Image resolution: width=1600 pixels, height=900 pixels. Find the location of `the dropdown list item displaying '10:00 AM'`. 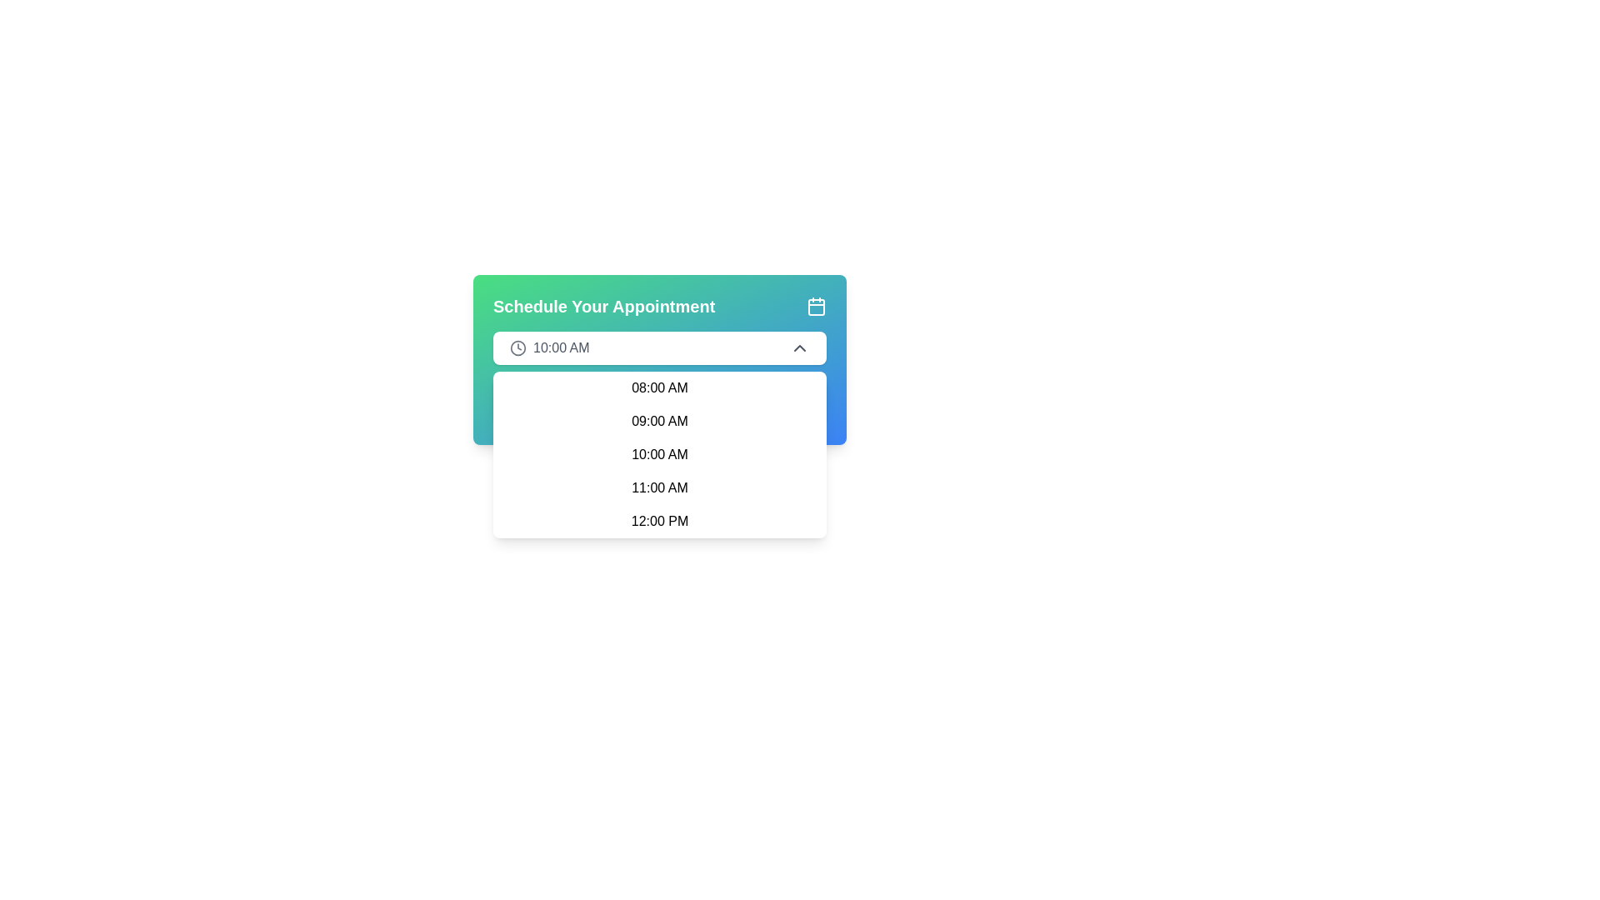

the dropdown list item displaying '10:00 AM' is located at coordinates (659, 455).